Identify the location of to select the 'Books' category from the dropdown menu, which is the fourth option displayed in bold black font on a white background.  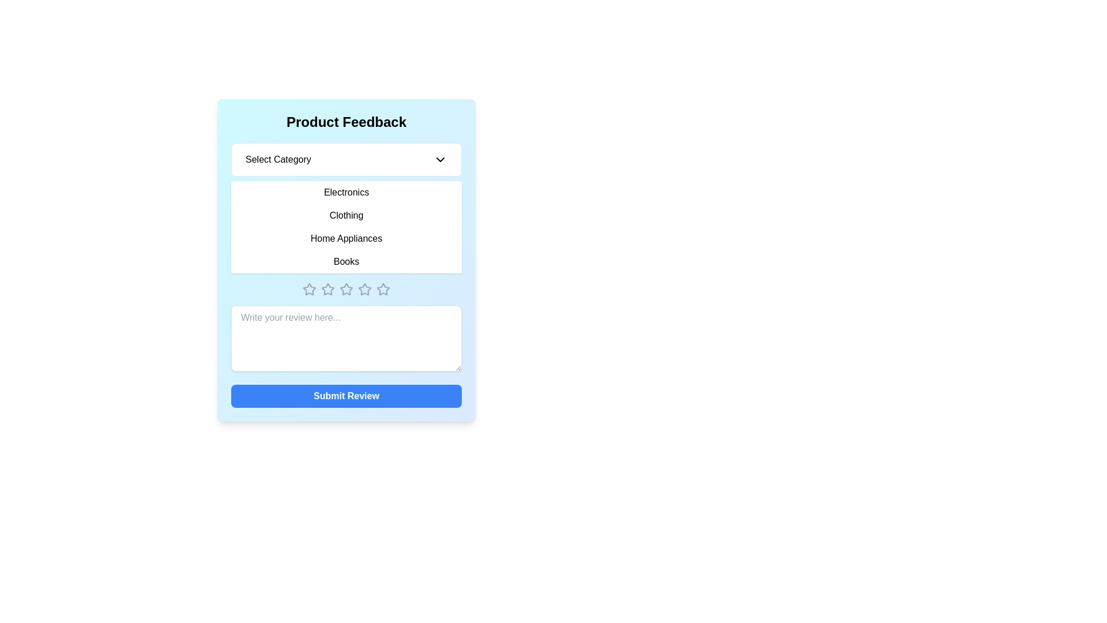
(345, 262).